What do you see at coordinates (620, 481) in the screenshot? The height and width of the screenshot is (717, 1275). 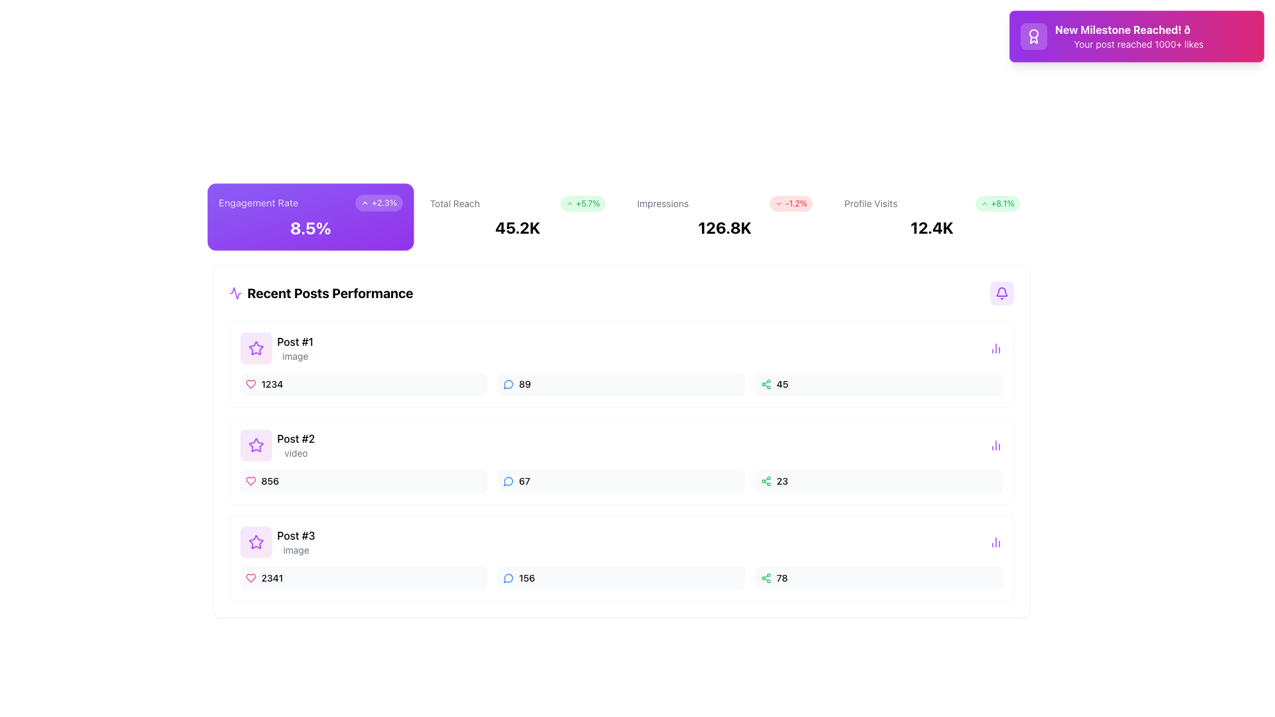 I see `the Interactive count display for 'Post #2'` at bounding box center [620, 481].